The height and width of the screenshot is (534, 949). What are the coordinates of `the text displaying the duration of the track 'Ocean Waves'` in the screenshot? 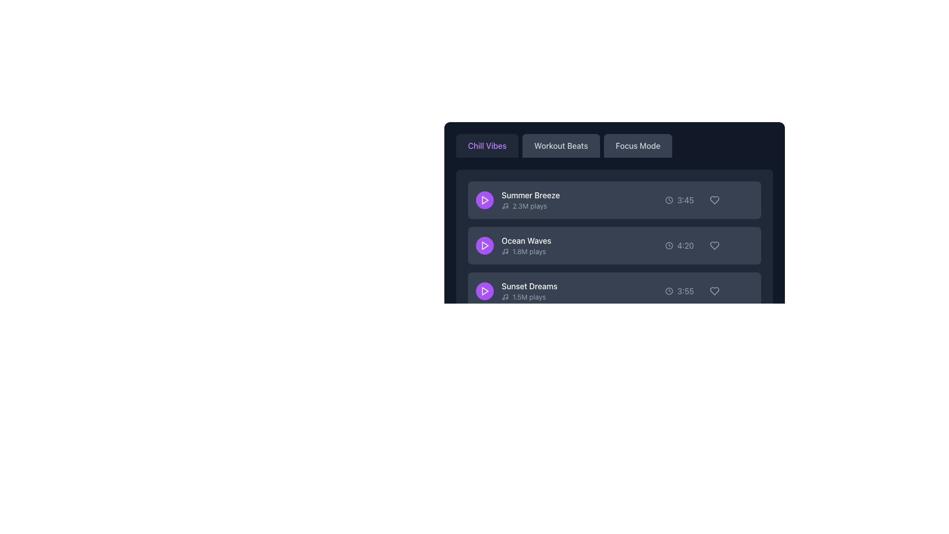 It's located at (685, 245).